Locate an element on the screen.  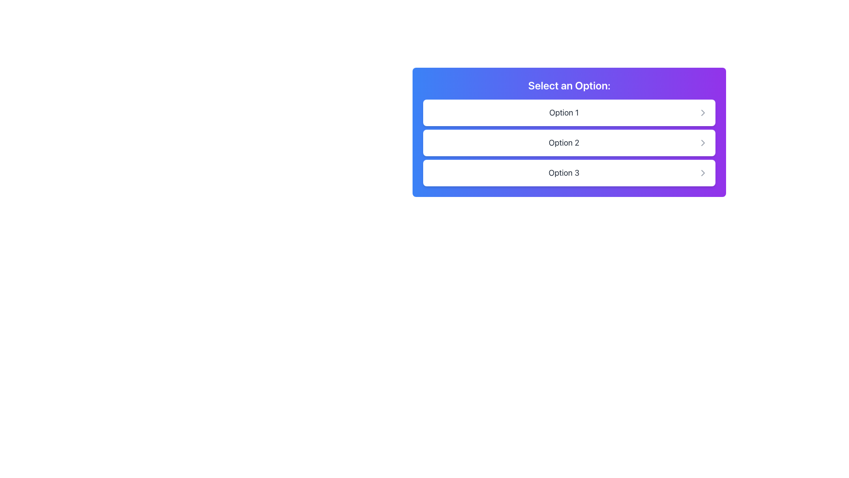
the right-pointing chevron icon button located at the far right of 'Option 3' in the selectable entries list is located at coordinates (702, 173).